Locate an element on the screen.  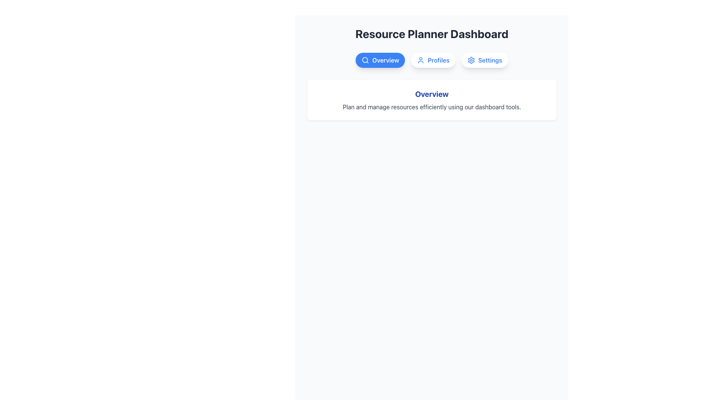
the third button in the horizontal row under the 'Resource Planner Dashboard' header is located at coordinates (485, 60).